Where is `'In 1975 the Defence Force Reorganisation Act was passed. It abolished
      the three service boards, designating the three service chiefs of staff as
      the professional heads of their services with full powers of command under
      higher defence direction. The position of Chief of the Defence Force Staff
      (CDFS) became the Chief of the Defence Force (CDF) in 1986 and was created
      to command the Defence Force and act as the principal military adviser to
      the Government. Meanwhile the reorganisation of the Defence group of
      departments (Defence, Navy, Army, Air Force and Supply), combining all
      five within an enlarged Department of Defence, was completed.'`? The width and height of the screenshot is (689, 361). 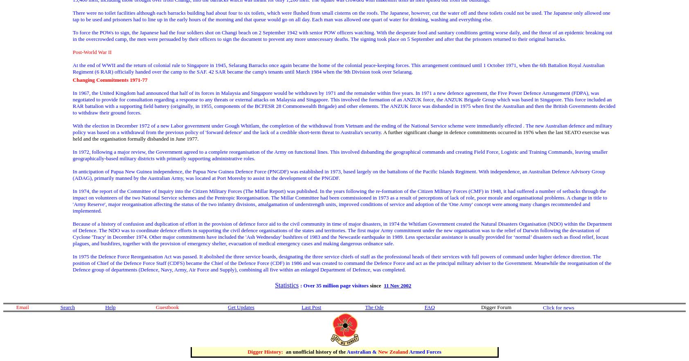 'In 1975 the Defence Force Reorganisation Act was passed. It abolished
      the three service boards, designating the three service chiefs of staff as
      the professional heads of their services with full powers of command under
      higher defence direction. The position of Chief of the Defence Force Staff
      (CDFS) became the Chief of the Defence Force (CDF) in 1986 and was created
      to command the Defence Force and act as the principal military adviser to
      the Government. Meanwhile the reorganisation of the Defence group of
      departments (Defence, Navy, Army, Air Force and Supply), combining all
      five within an enlarged Department of Defence, was completed.' is located at coordinates (342, 263).